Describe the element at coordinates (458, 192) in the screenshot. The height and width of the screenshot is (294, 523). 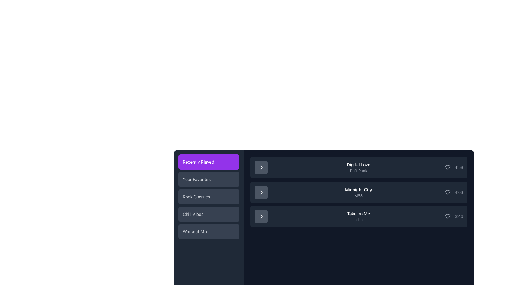
I see `the text label displaying the time duration '4:03' in gray font, located in the bottom-right corner of the music item 'Midnight City' by 'M83'` at that location.